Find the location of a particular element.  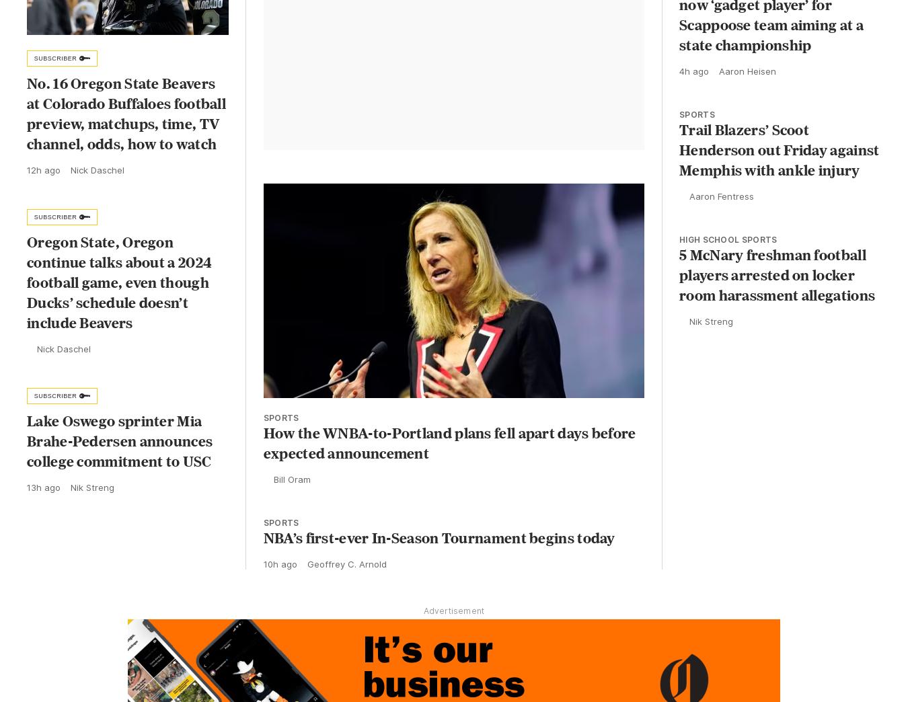

'Trail Blazers’ Scoot Henderson out Friday against Memphis with ankle injury' is located at coordinates (678, 152).